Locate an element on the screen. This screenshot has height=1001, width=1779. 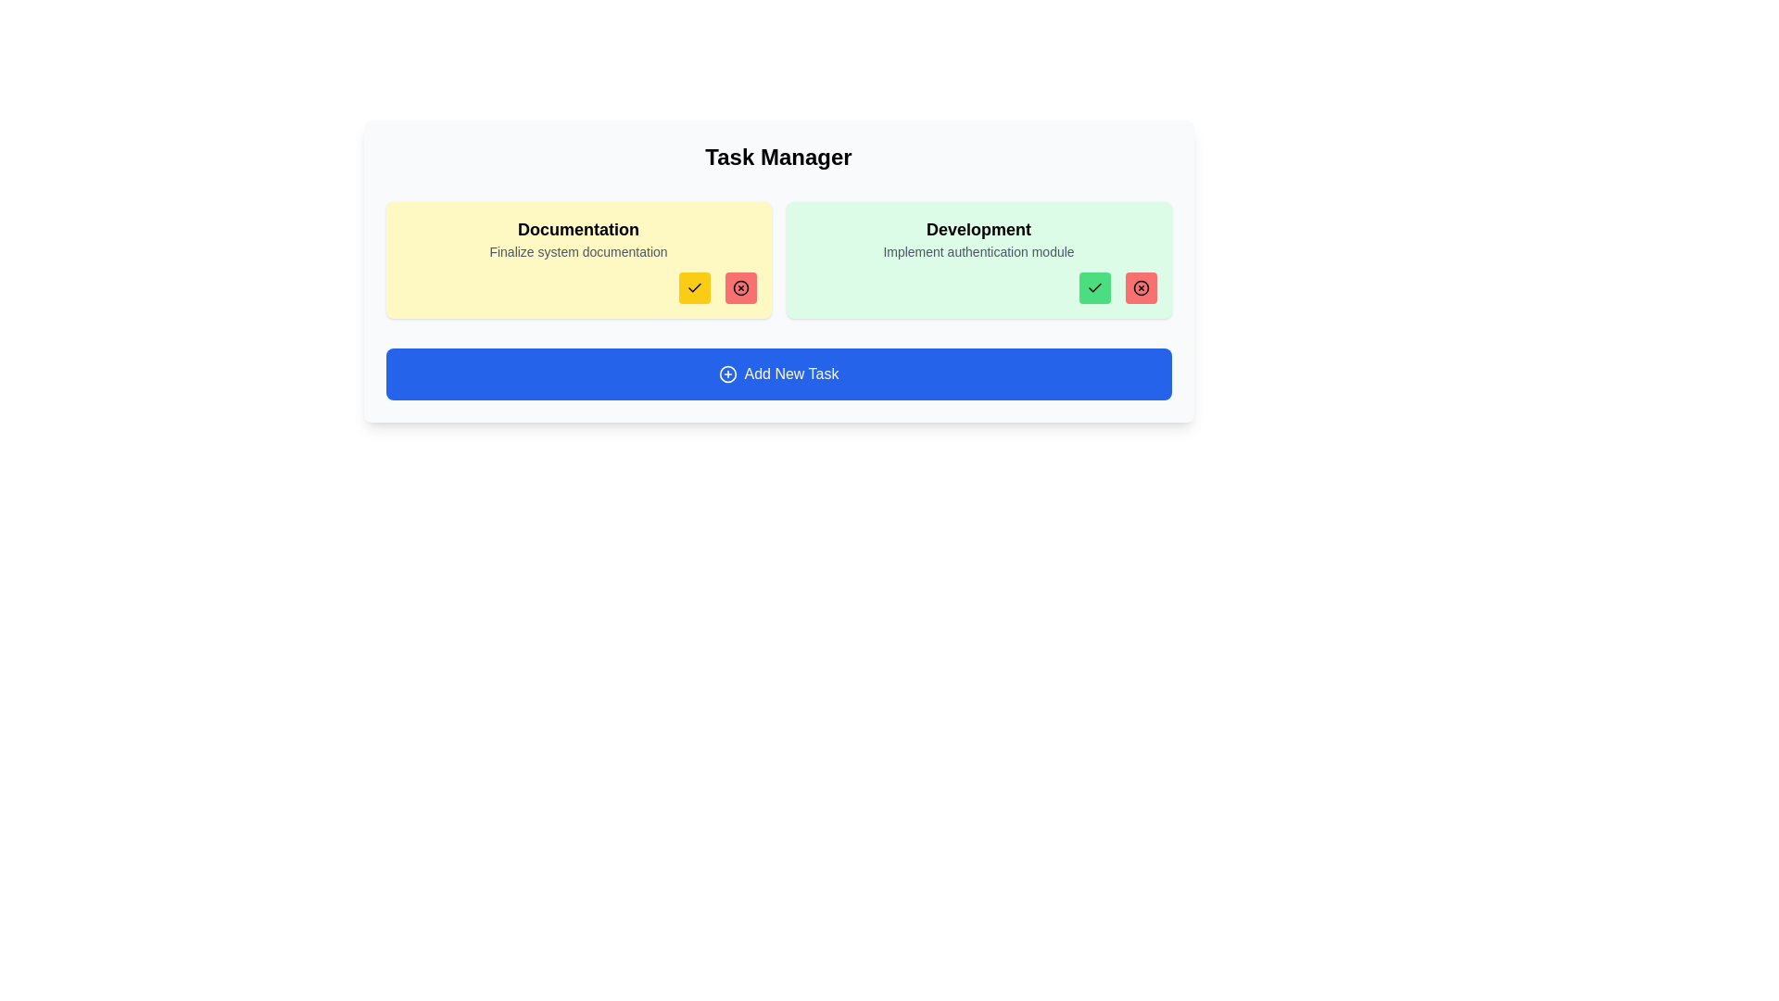
the circular icon with a plus sign located to the left of the 'Add New Task' button text as a visual indicator is located at coordinates (726, 374).